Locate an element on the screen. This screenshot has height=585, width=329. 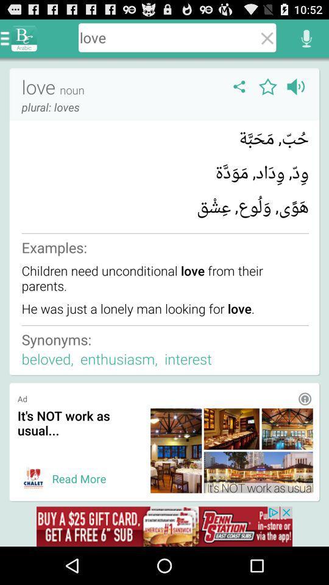
banner is located at coordinates (34, 478).